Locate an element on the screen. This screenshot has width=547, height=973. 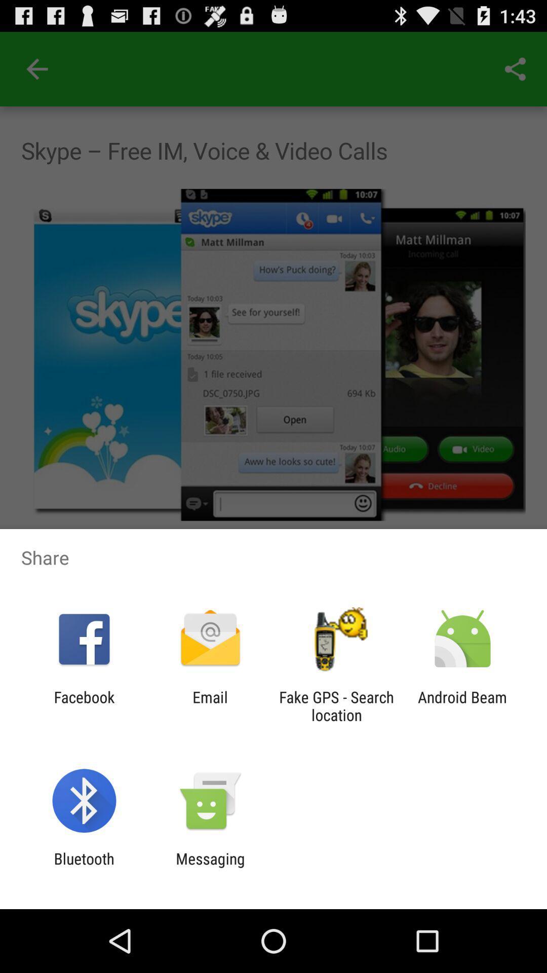
item to the left of messaging app is located at coordinates (84, 867).